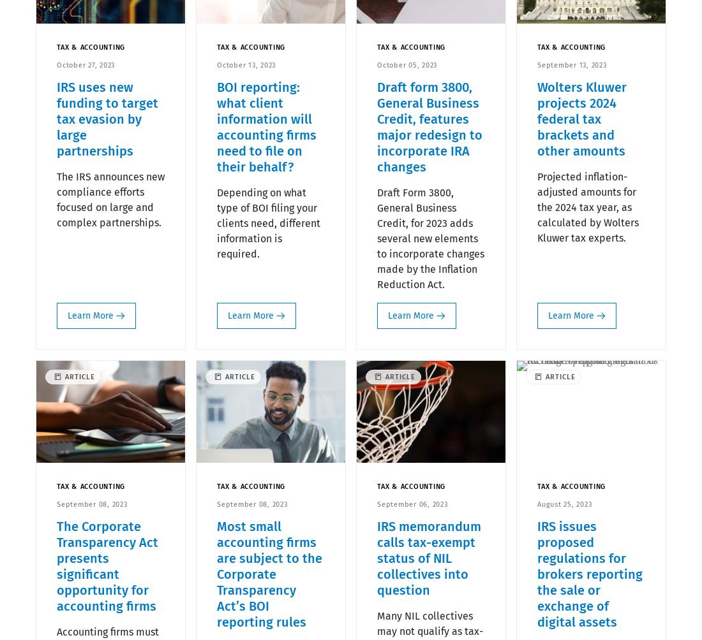  What do you see at coordinates (56, 565) in the screenshot?
I see `'The Corporate Transparency Act presents significant opportunity for accounting firms'` at bounding box center [56, 565].